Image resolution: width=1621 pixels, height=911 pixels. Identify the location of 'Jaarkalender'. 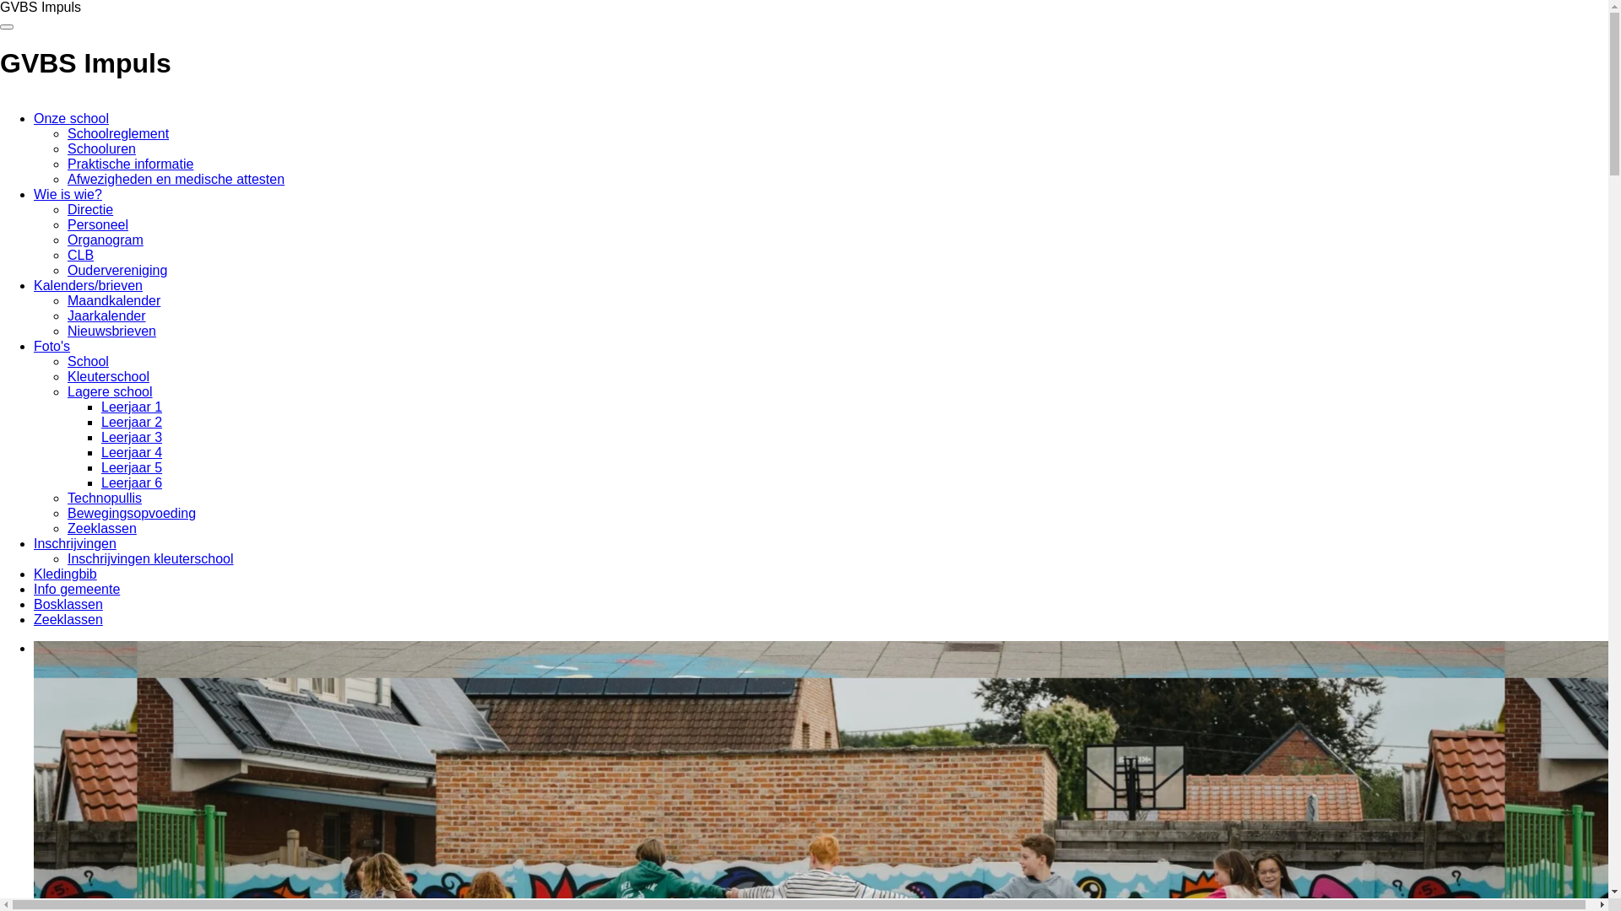
(106, 315).